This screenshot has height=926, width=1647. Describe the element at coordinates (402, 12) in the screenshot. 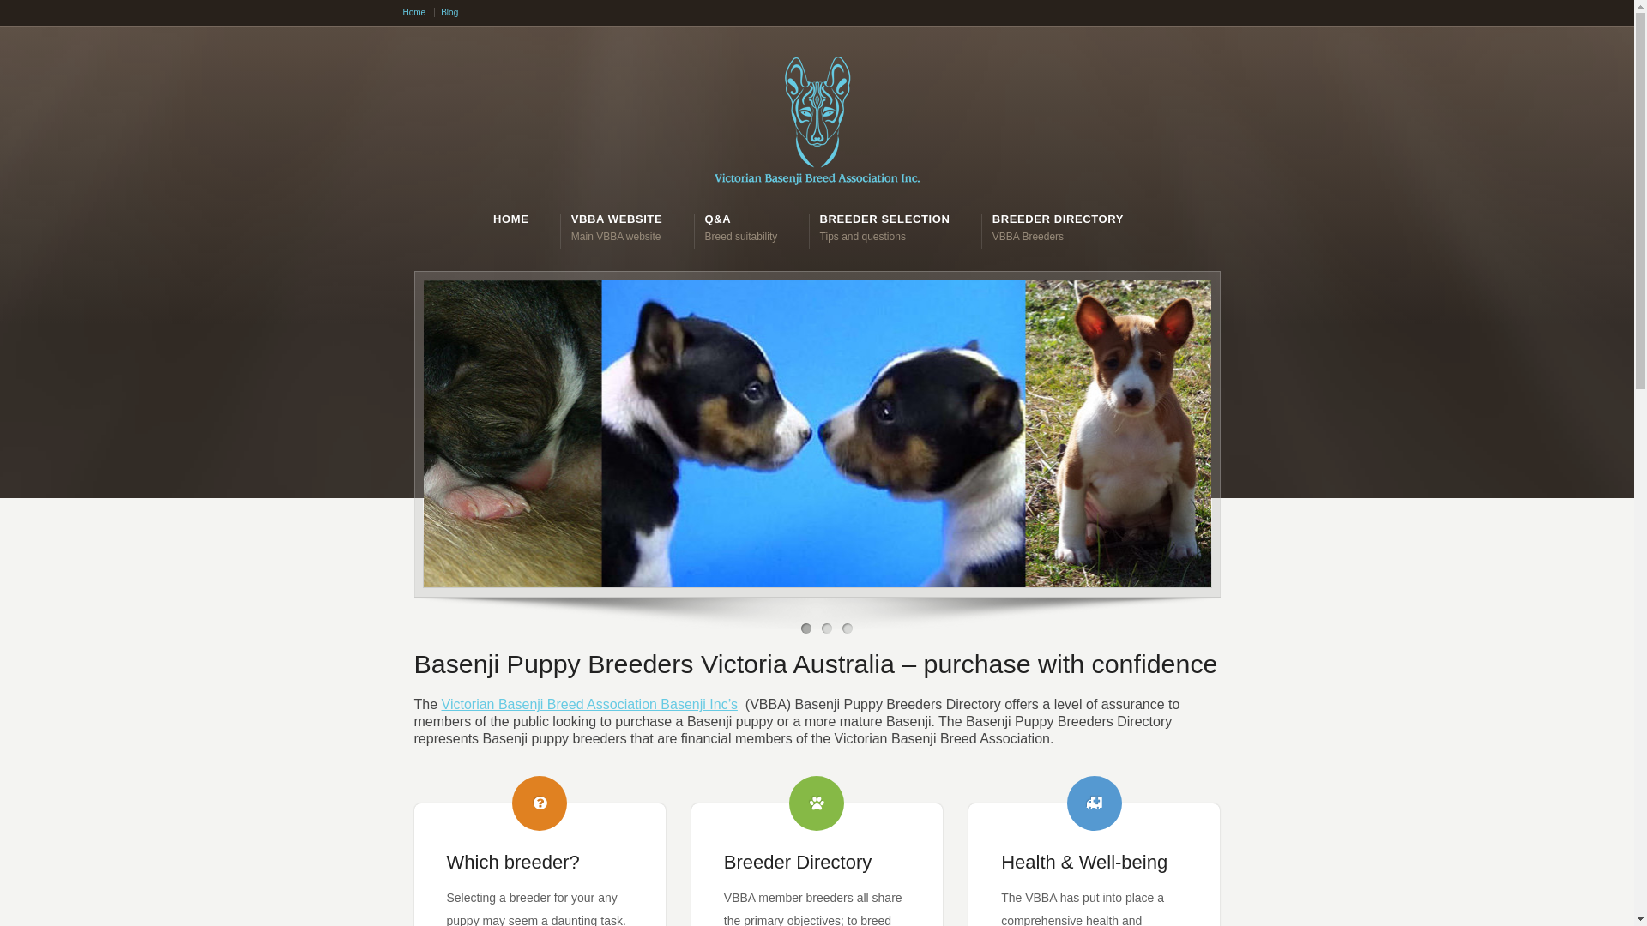

I see `'Home'` at that location.